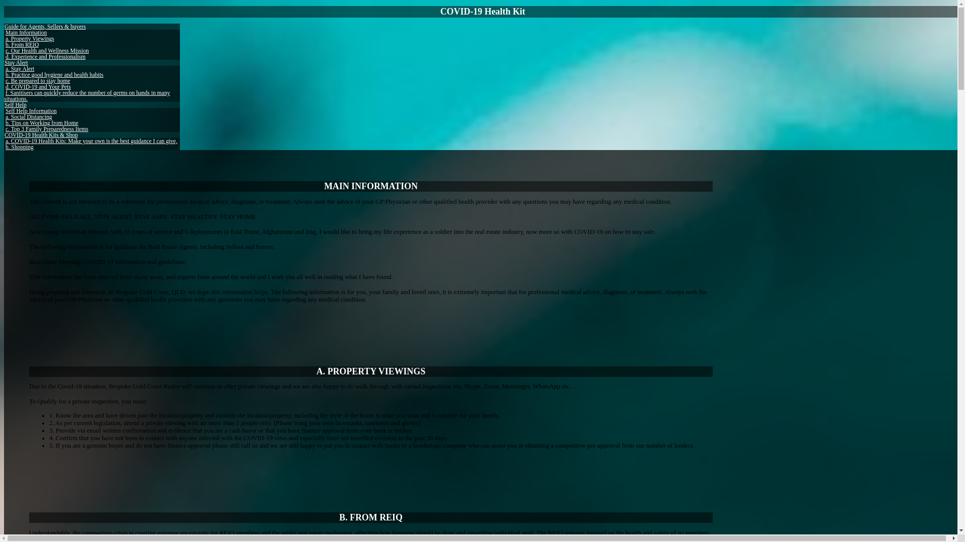  What do you see at coordinates (46, 128) in the screenshot?
I see `'c. Top 3 Family Preparedness Items'` at bounding box center [46, 128].